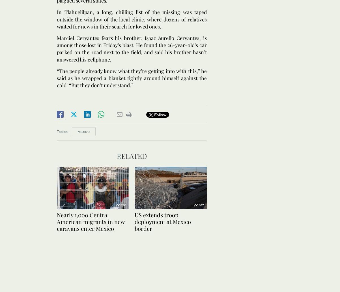 The image size is (340, 292). I want to click on 'Topics:', so click(63, 131).